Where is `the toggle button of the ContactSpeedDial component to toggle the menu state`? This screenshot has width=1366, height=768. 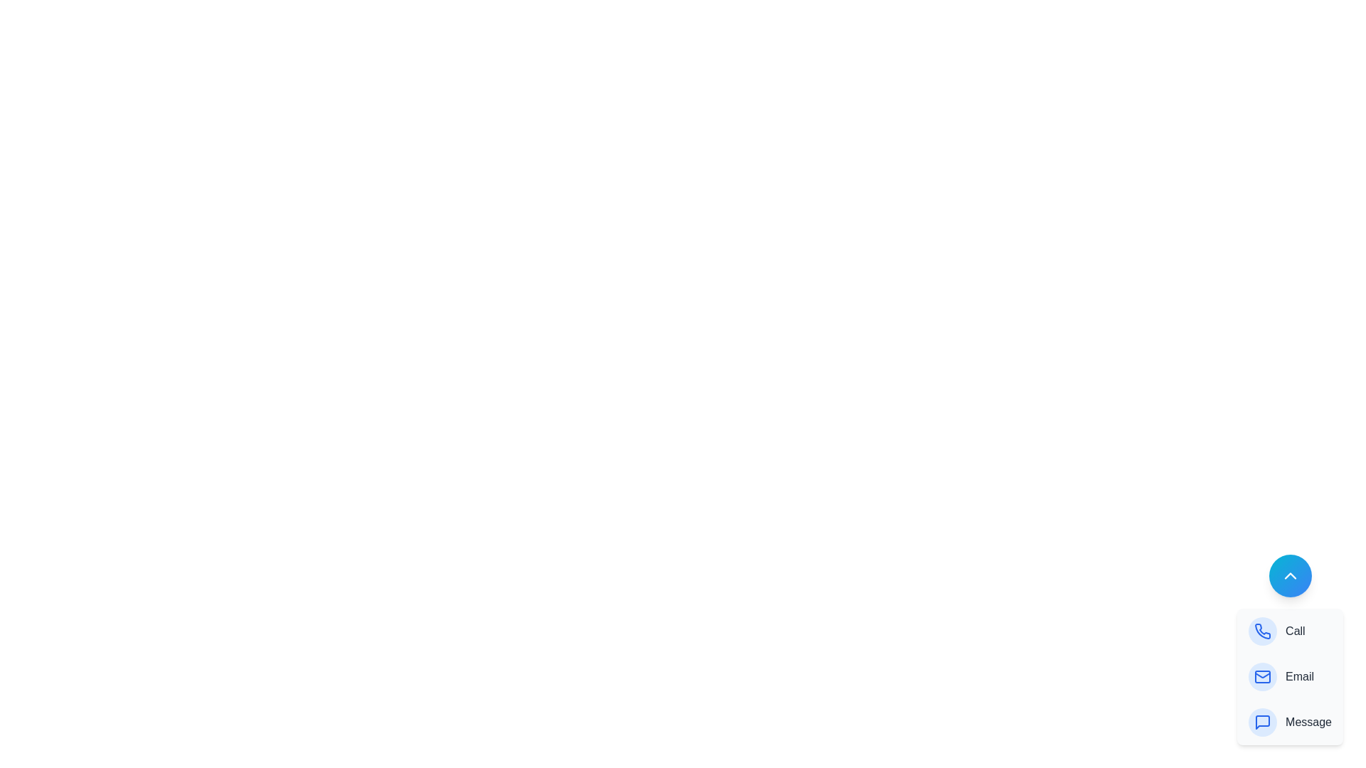 the toggle button of the ContactSpeedDial component to toggle the menu state is located at coordinates (1290, 576).